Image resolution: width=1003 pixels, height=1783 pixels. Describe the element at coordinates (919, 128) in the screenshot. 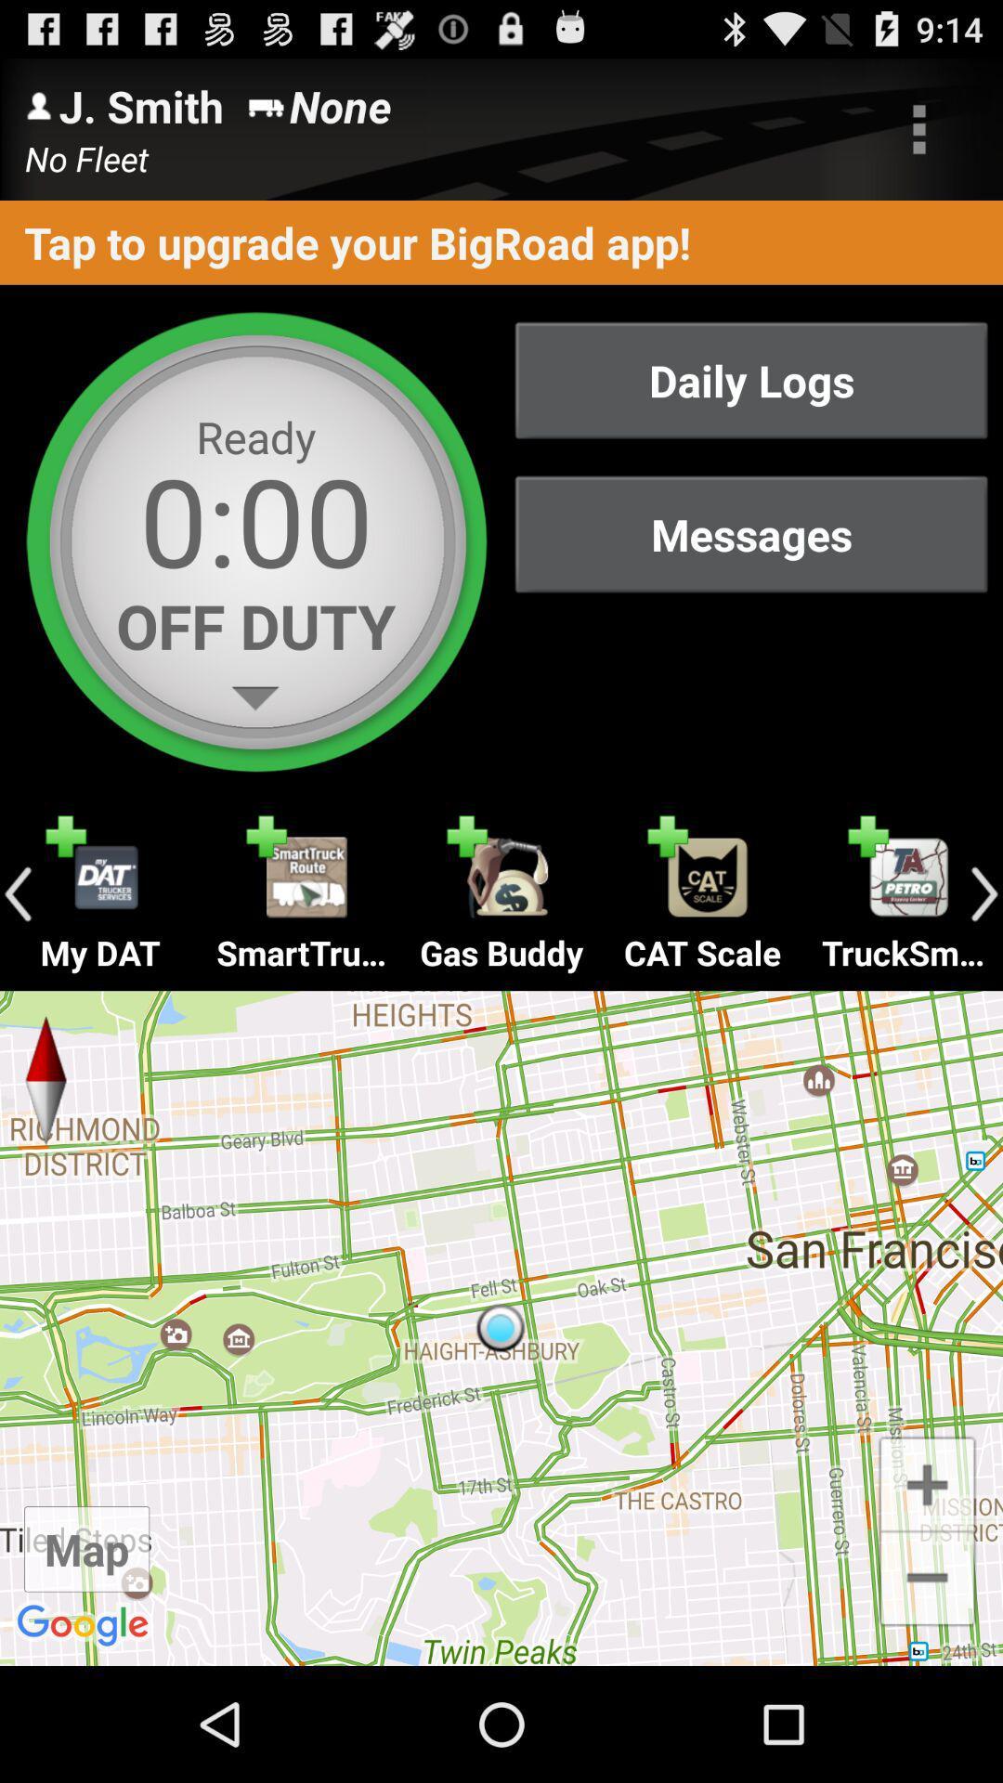

I see `the item above the tap to upgrade item` at that location.